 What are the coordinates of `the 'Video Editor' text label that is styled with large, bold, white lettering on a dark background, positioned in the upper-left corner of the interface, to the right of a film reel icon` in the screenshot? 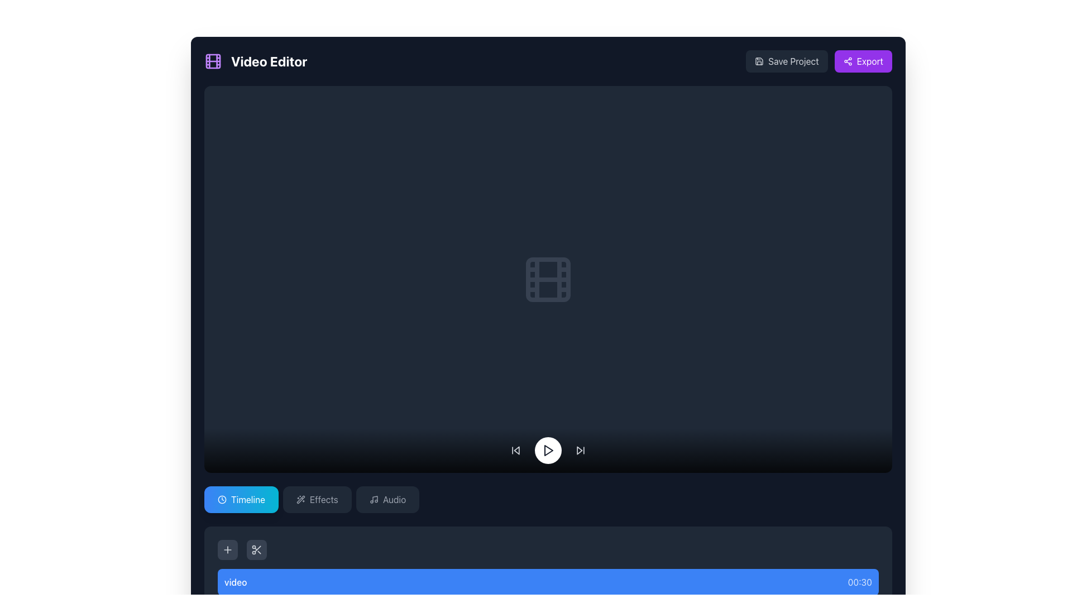 It's located at (269, 61).